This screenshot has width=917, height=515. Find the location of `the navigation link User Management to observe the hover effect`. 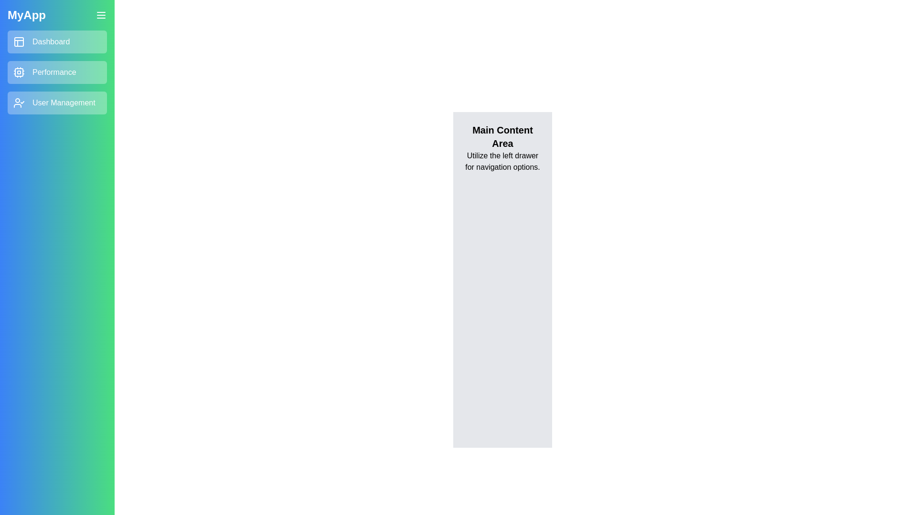

the navigation link User Management to observe the hover effect is located at coordinates (57, 103).